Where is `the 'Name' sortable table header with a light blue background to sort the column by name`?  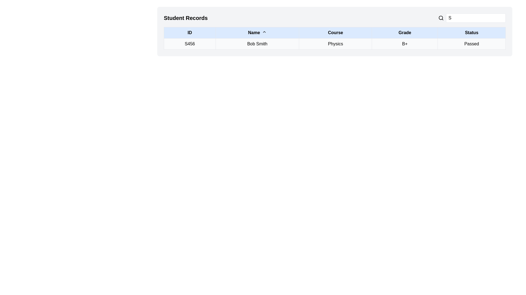 the 'Name' sortable table header with a light blue background to sort the column by name is located at coordinates (257, 33).